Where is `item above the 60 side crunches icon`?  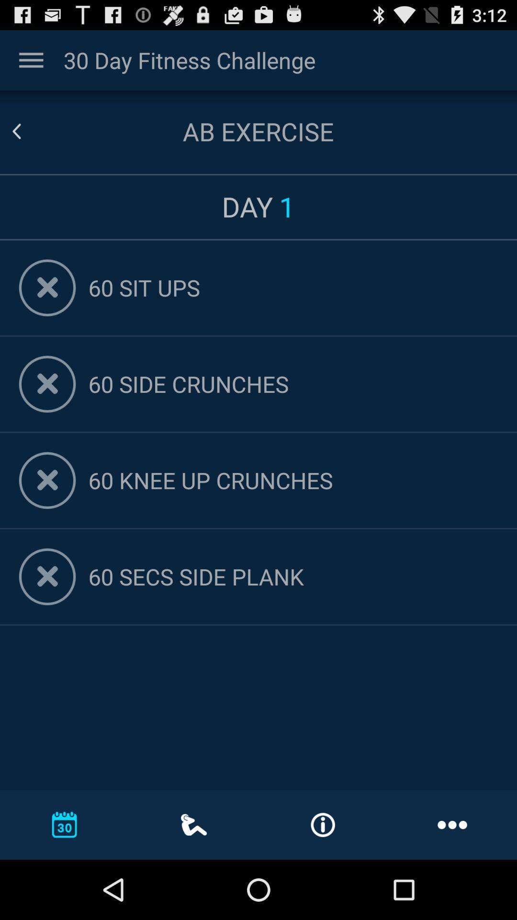
item above the 60 side crunches icon is located at coordinates (292, 287).